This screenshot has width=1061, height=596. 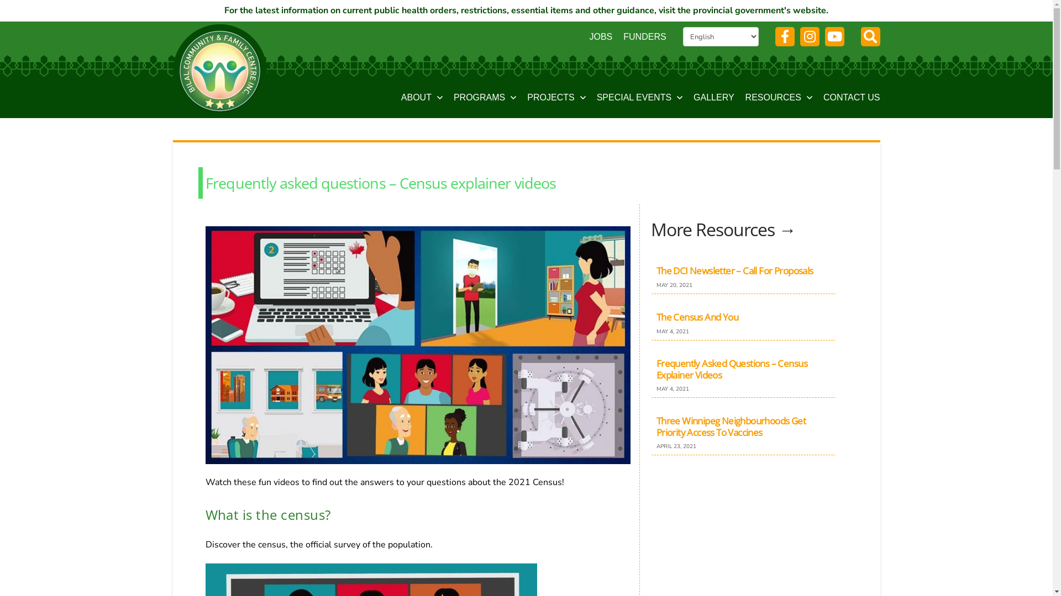 I want to click on 'PROJECTS', so click(x=556, y=98).